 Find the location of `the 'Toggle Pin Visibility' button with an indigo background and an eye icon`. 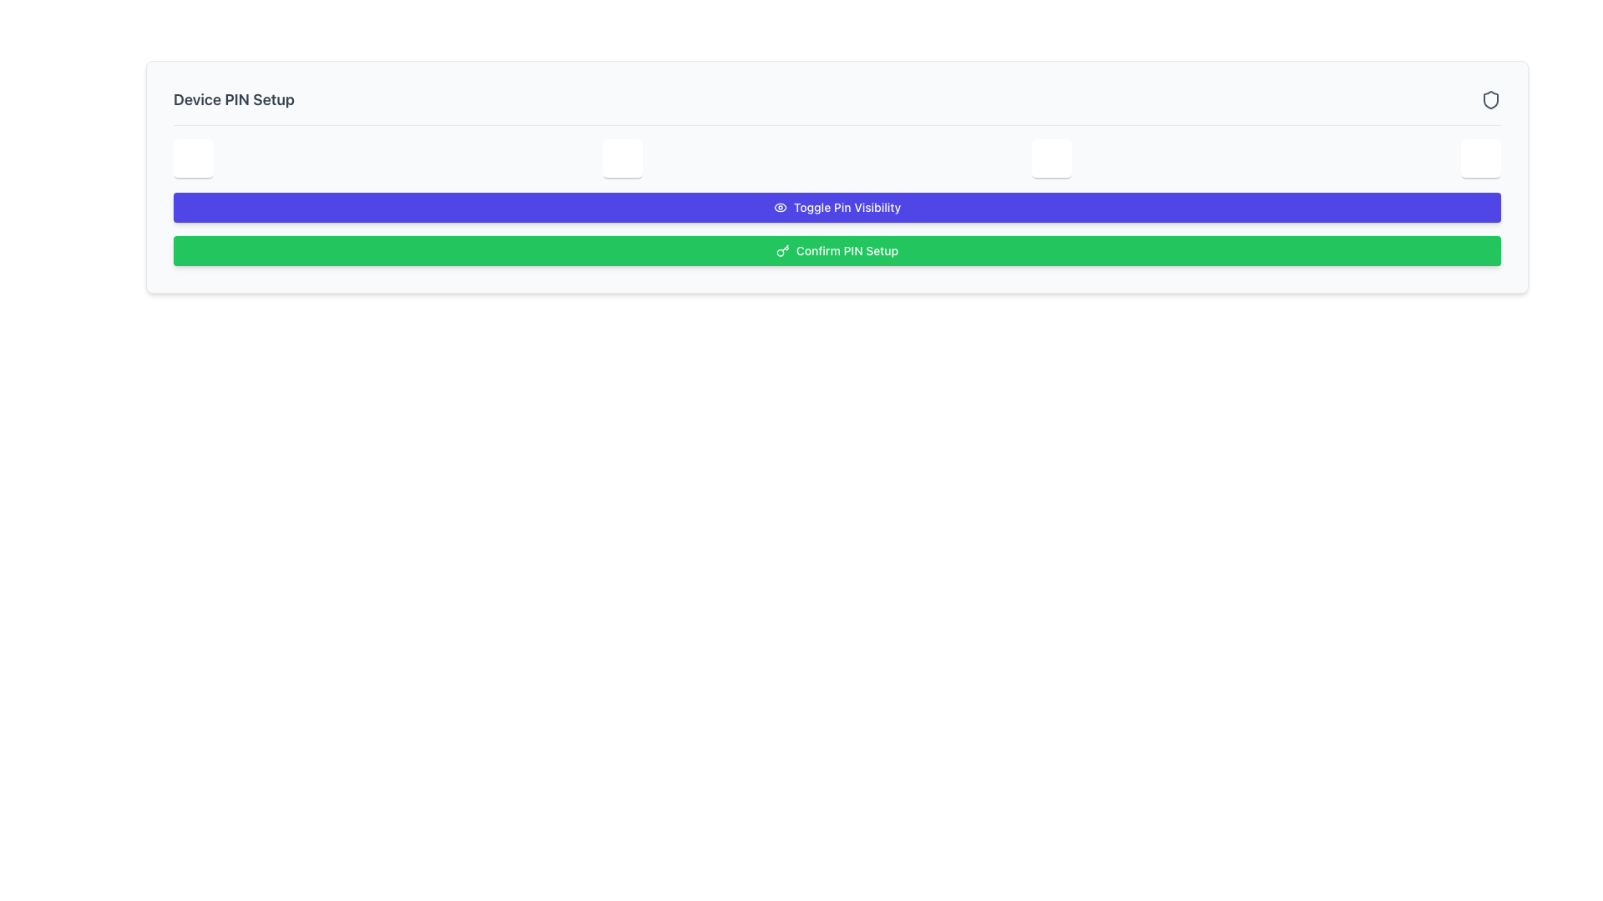

the 'Toggle Pin Visibility' button with an indigo background and an eye icon is located at coordinates (837, 207).